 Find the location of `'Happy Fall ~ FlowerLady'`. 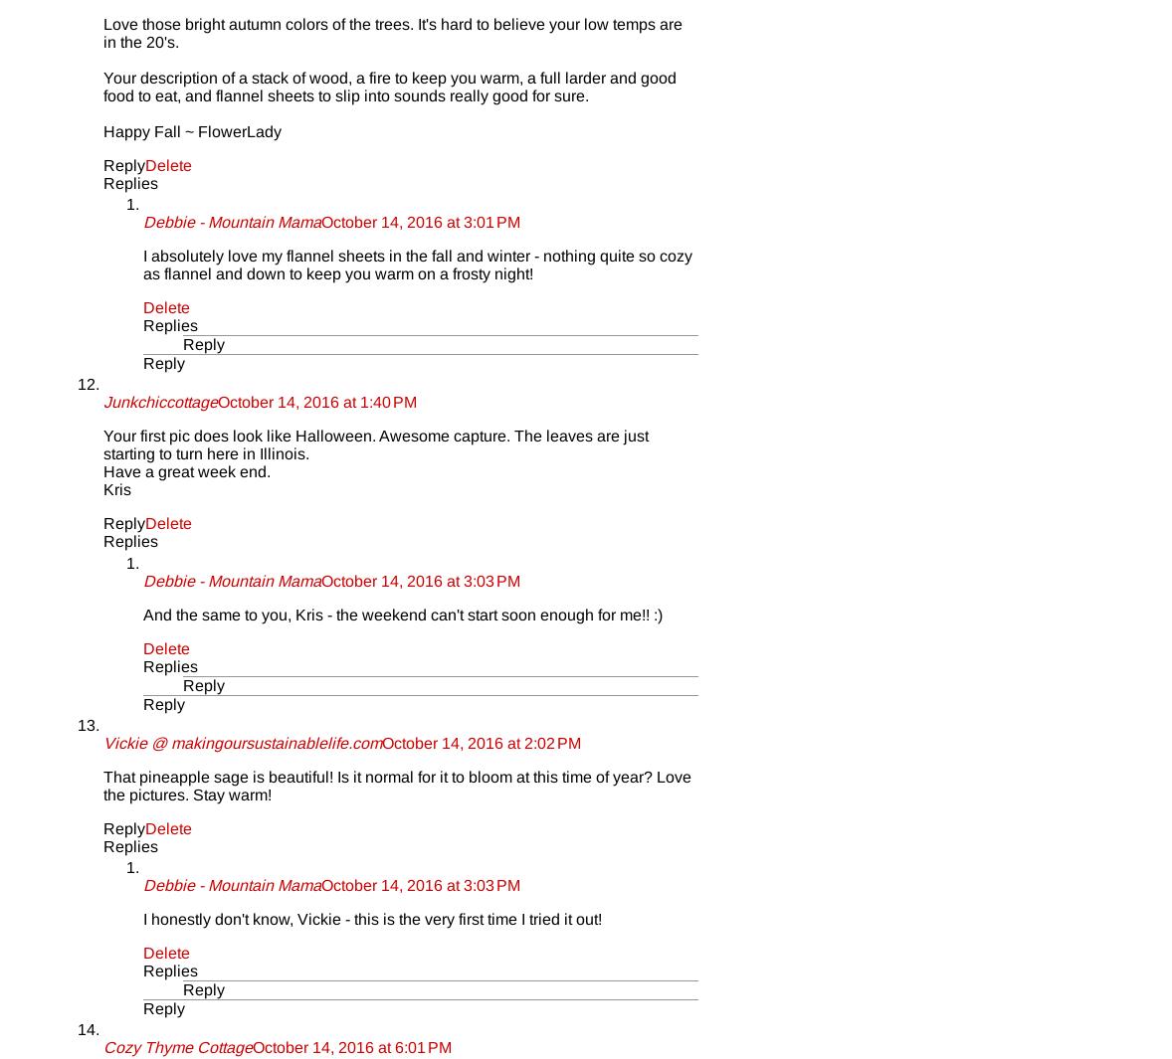

'Happy Fall ~ FlowerLady' is located at coordinates (191, 130).